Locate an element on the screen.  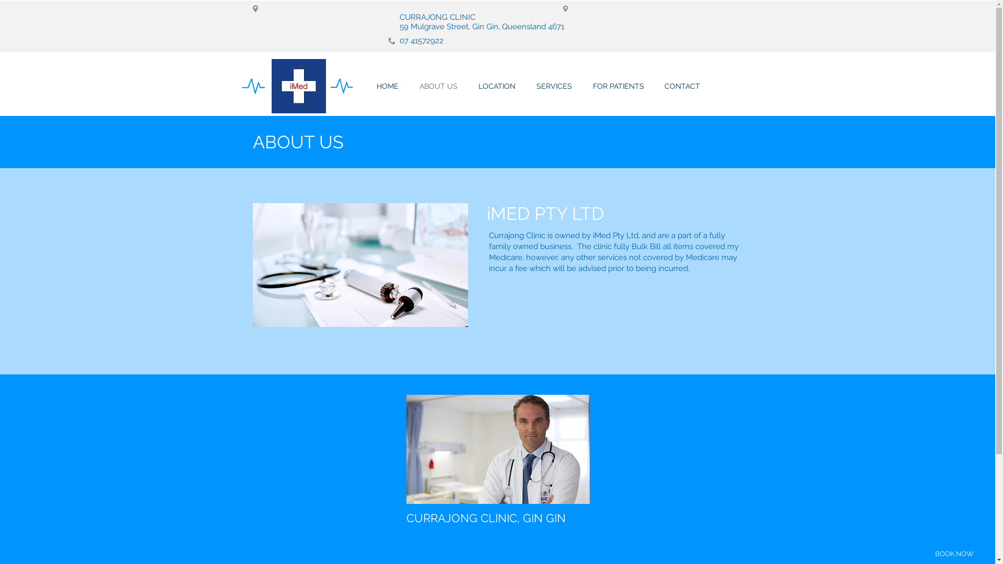
'LOCATION' is located at coordinates (496, 86).